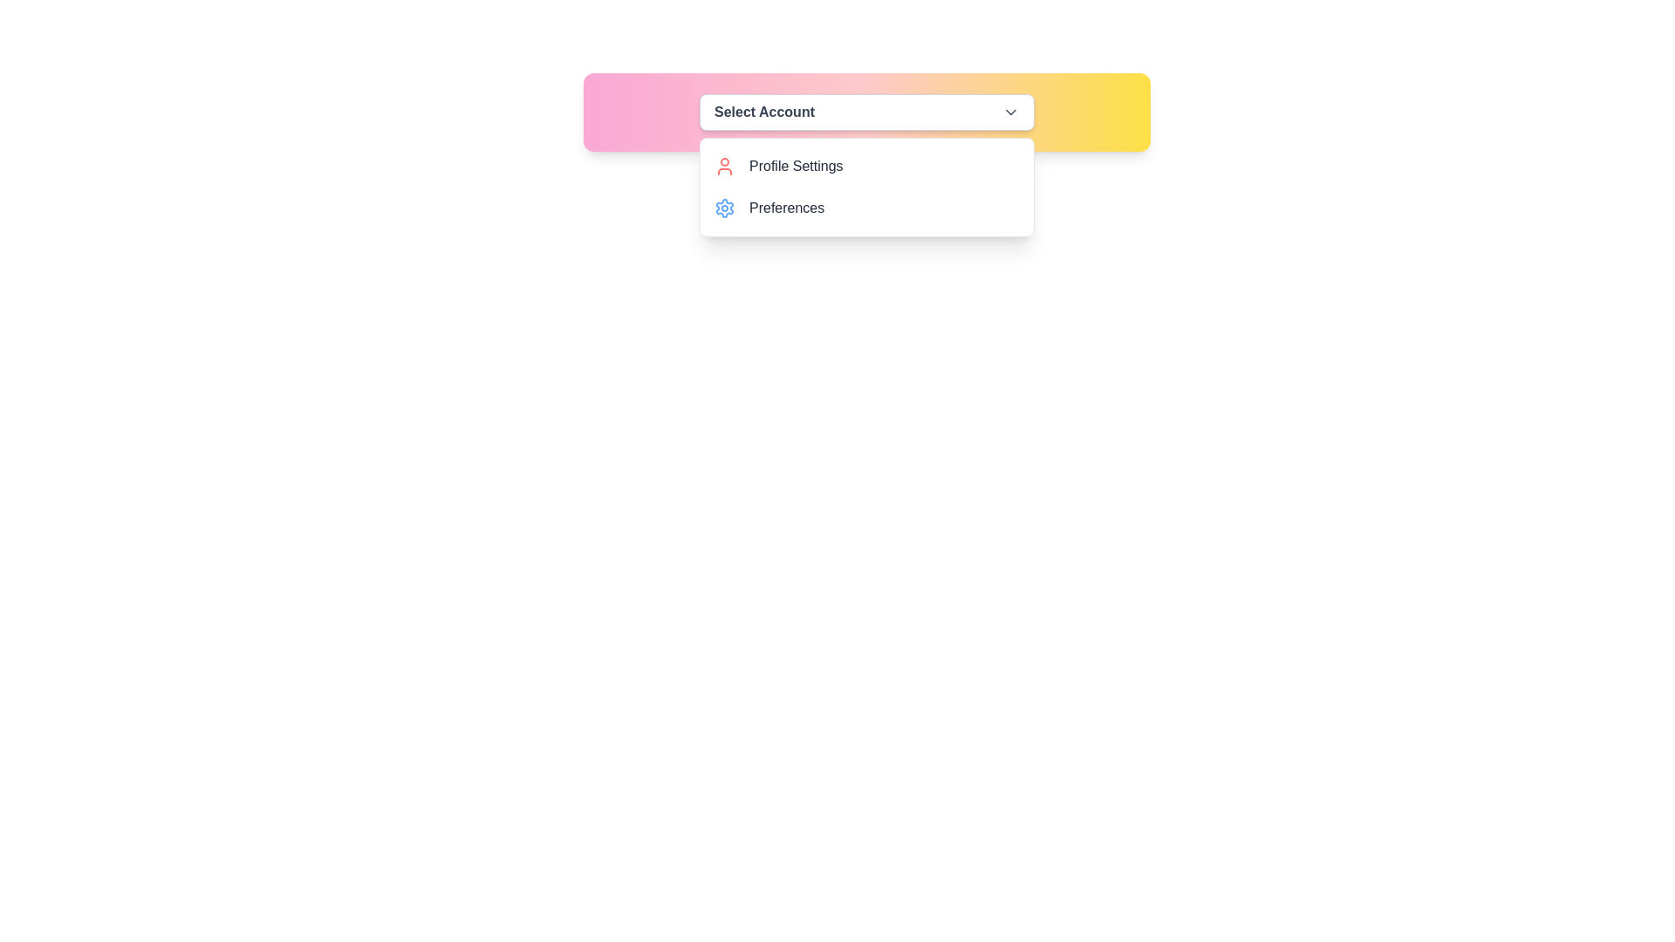 The height and width of the screenshot is (942, 1675). Describe the element at coordinates (786, 208) in the screenshot. I see `the Text Label that serves as a guide to the settings or customization panel, located below the 'Profile Settings' item in the dropdown menu` at that location.